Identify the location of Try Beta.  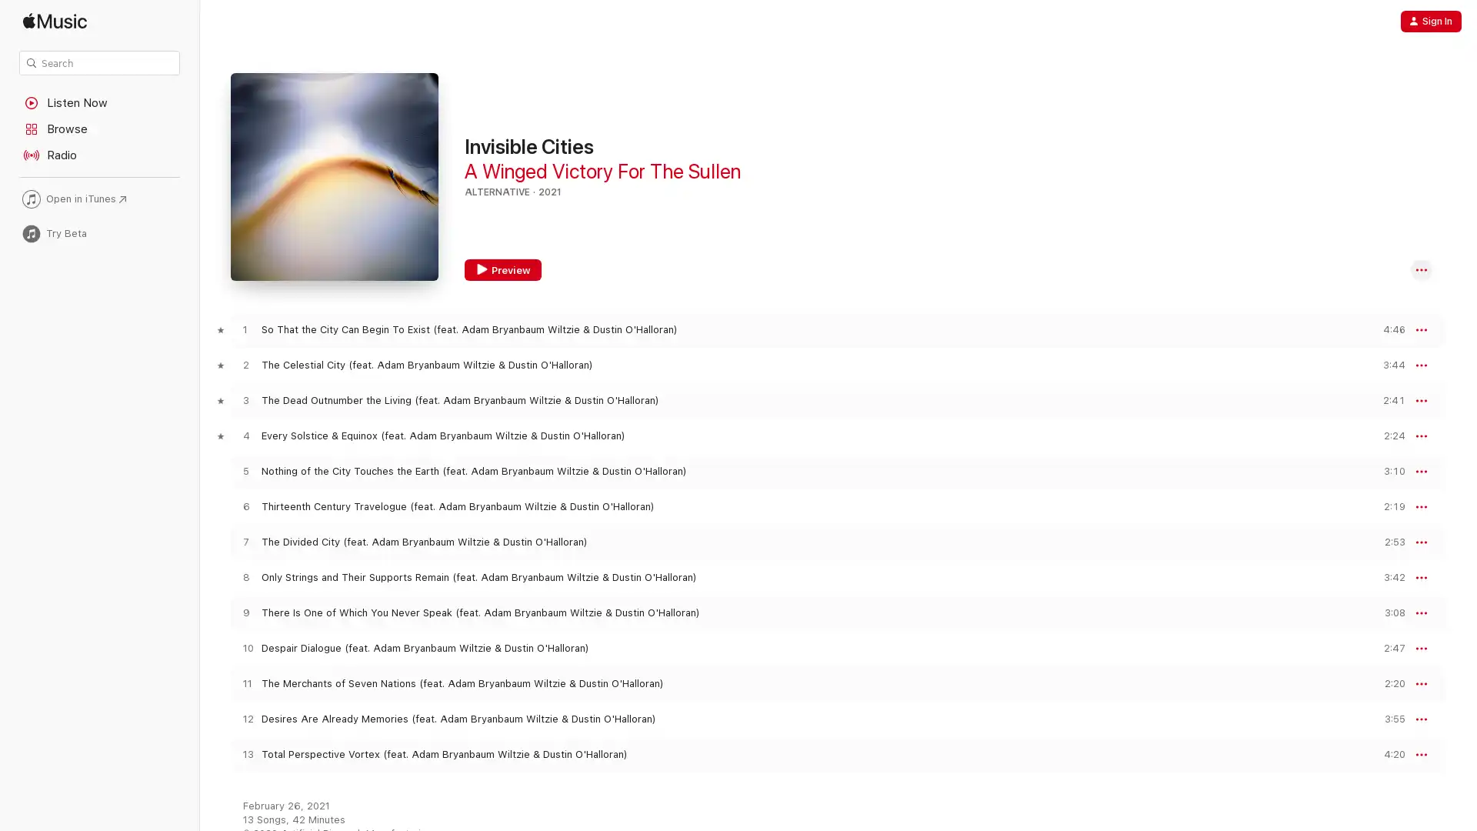
(98, 233).